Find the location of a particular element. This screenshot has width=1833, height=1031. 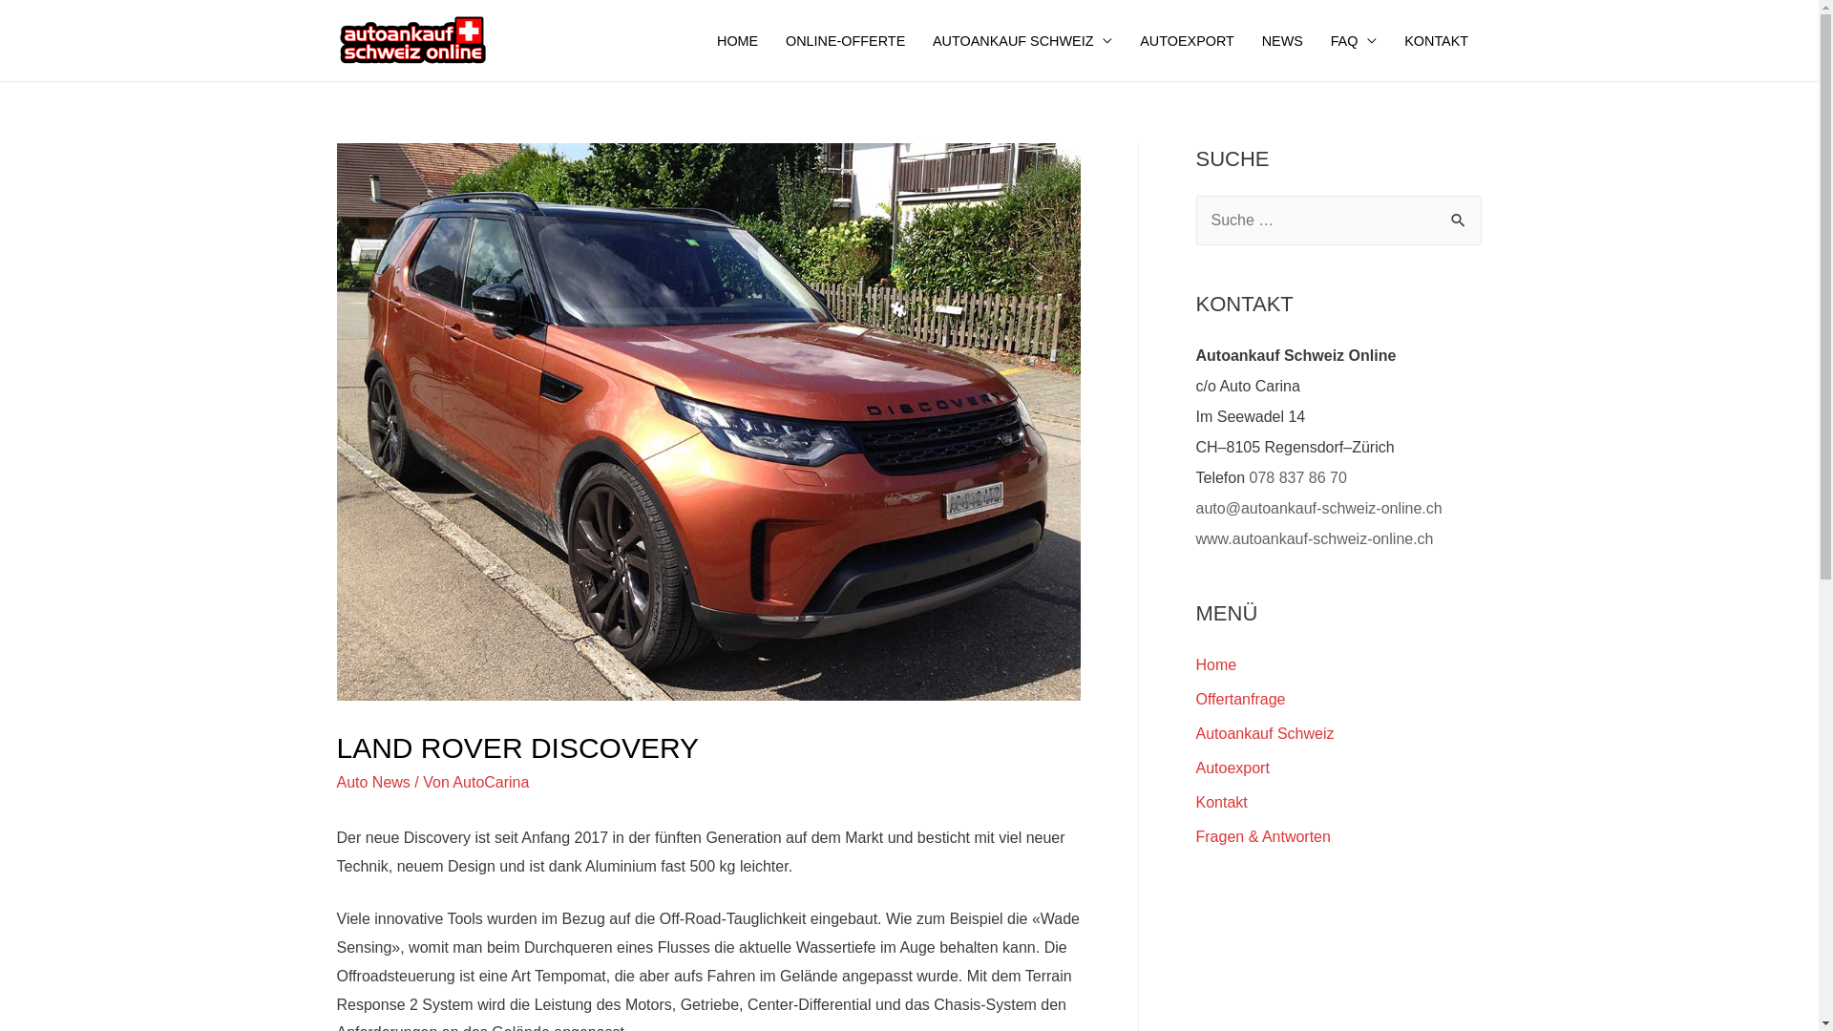

'NEWS' is located at coordinates (1282, 40).